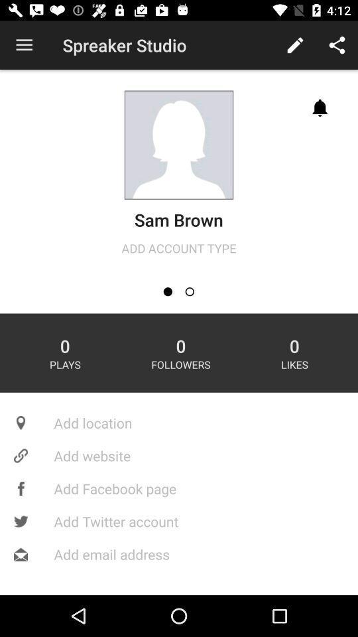 The height and width of the screenshot is (637, 358). Describe the element at coordinates (168, 291) in the screenshot. I see `the icon above followers icon` at that location.